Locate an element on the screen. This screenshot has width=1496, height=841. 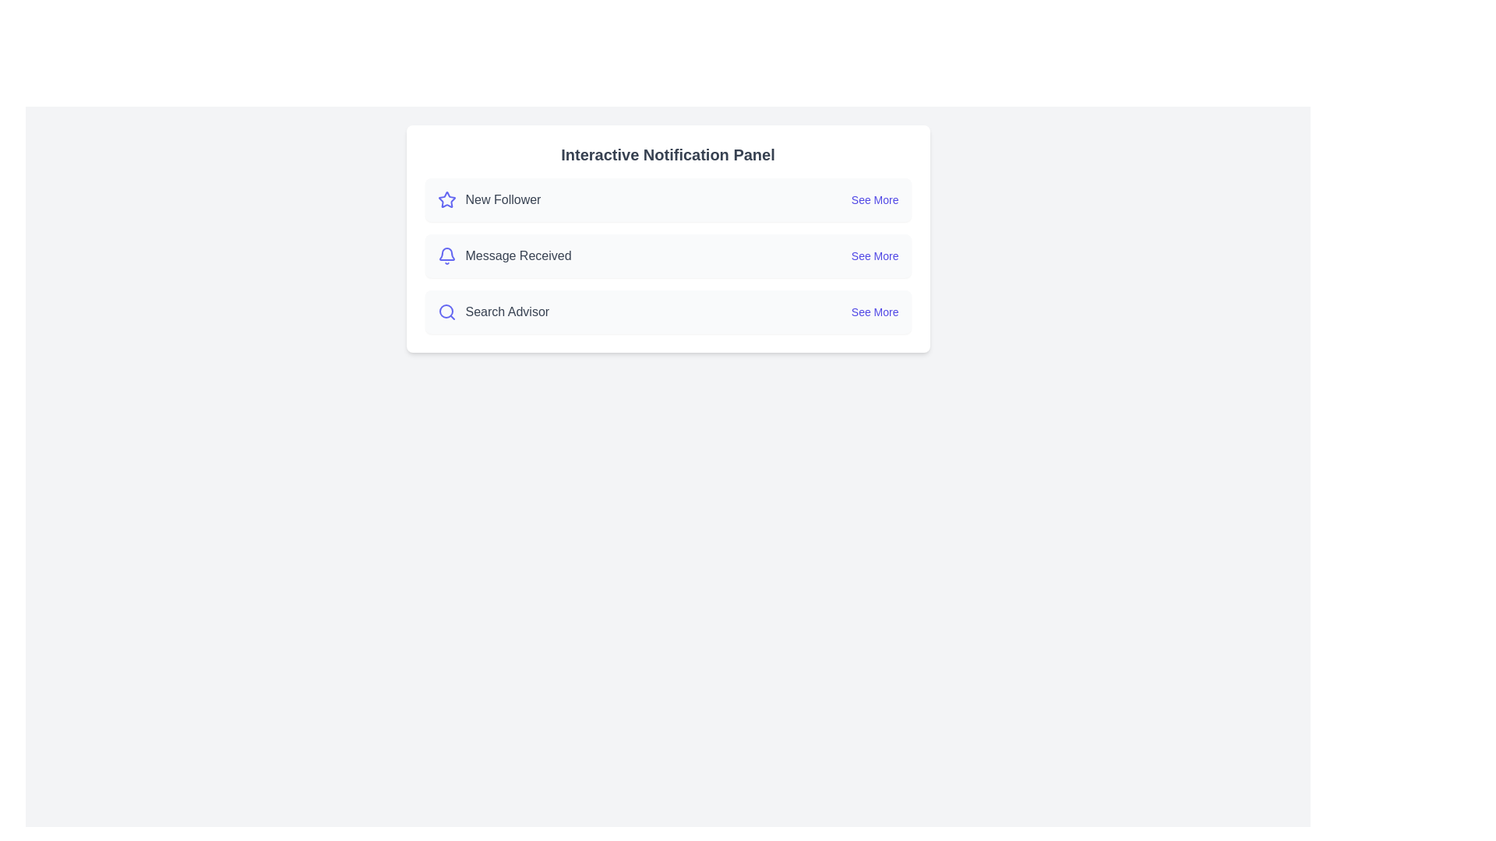
the star-shaped icon with a purple outline located on the left side of the 'New Follower' notification in the notification panel is located at coordinates (446, 199).